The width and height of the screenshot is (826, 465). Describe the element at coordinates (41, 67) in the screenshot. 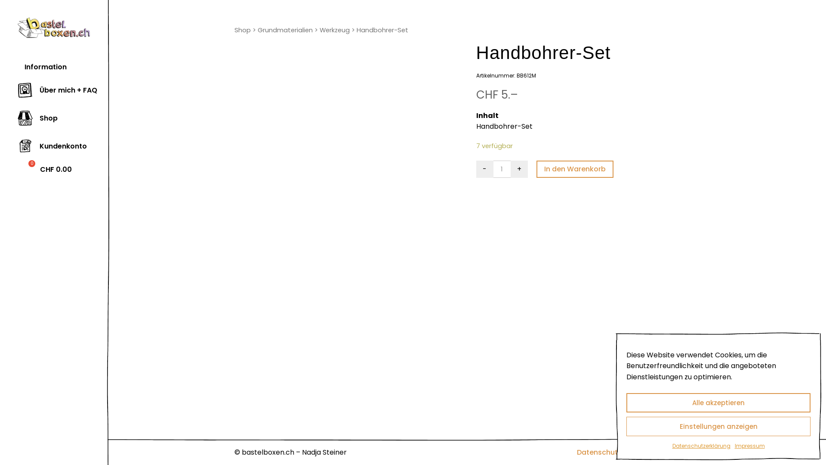

I see `'Information'` at that location.